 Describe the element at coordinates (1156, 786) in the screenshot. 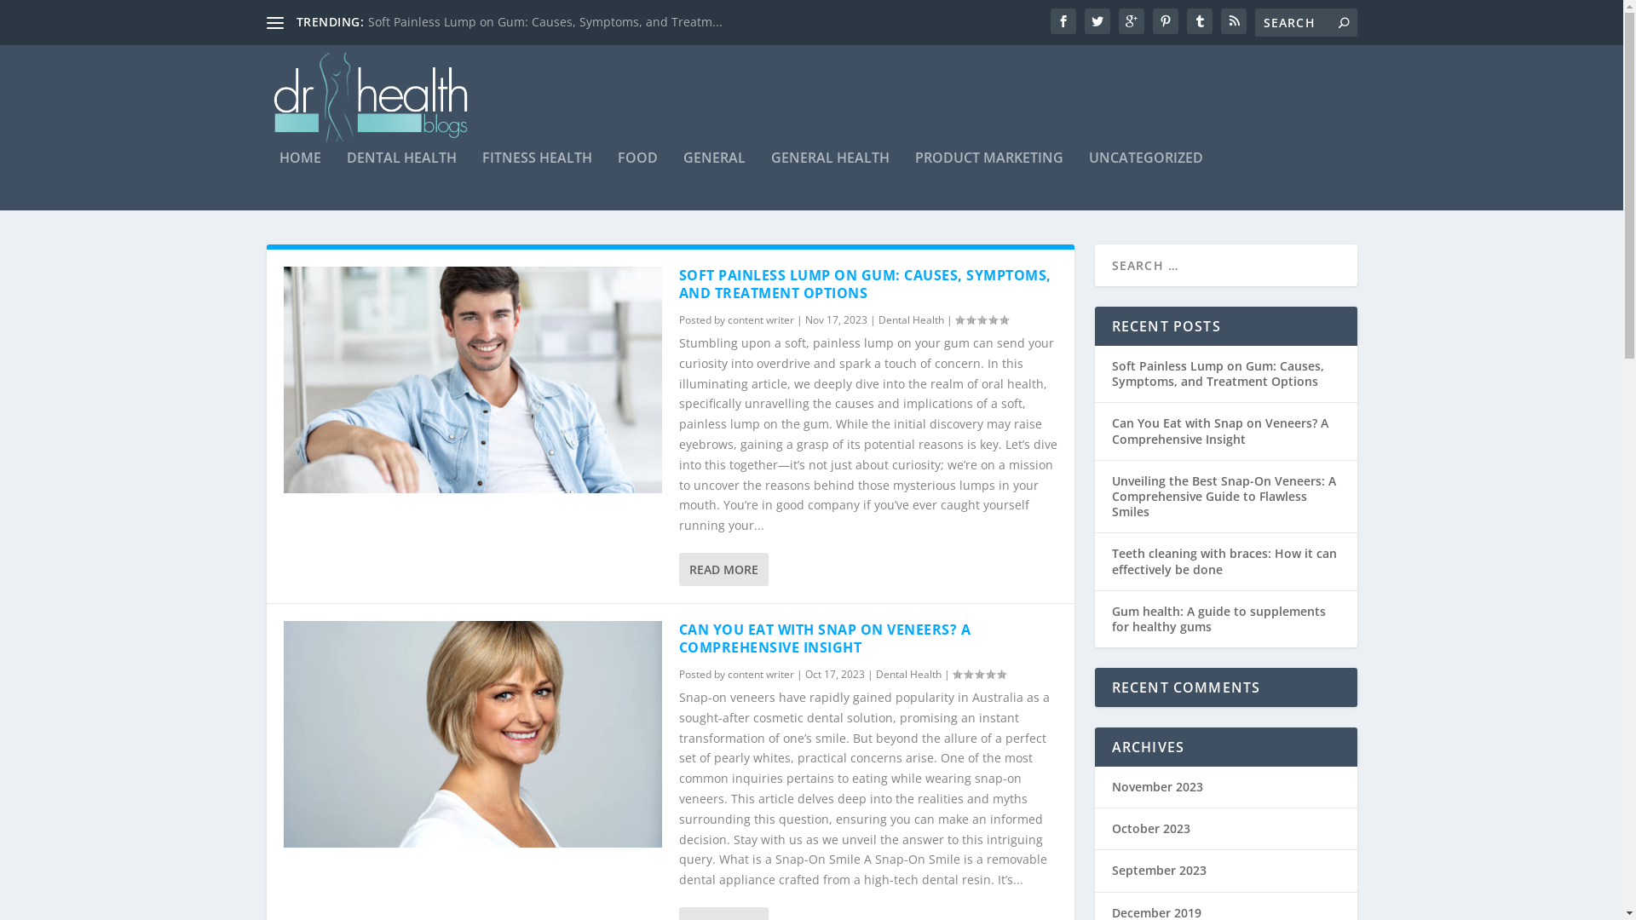

I see `'November 2023'` at that location.